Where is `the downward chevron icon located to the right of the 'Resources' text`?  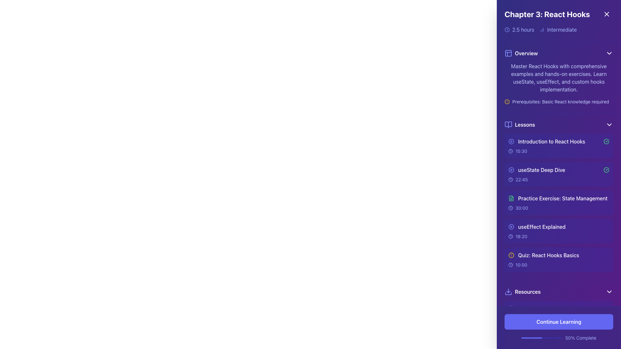 the downward chevron icon located to the right of the 'Resources' text is located at coordinates (609, 291).